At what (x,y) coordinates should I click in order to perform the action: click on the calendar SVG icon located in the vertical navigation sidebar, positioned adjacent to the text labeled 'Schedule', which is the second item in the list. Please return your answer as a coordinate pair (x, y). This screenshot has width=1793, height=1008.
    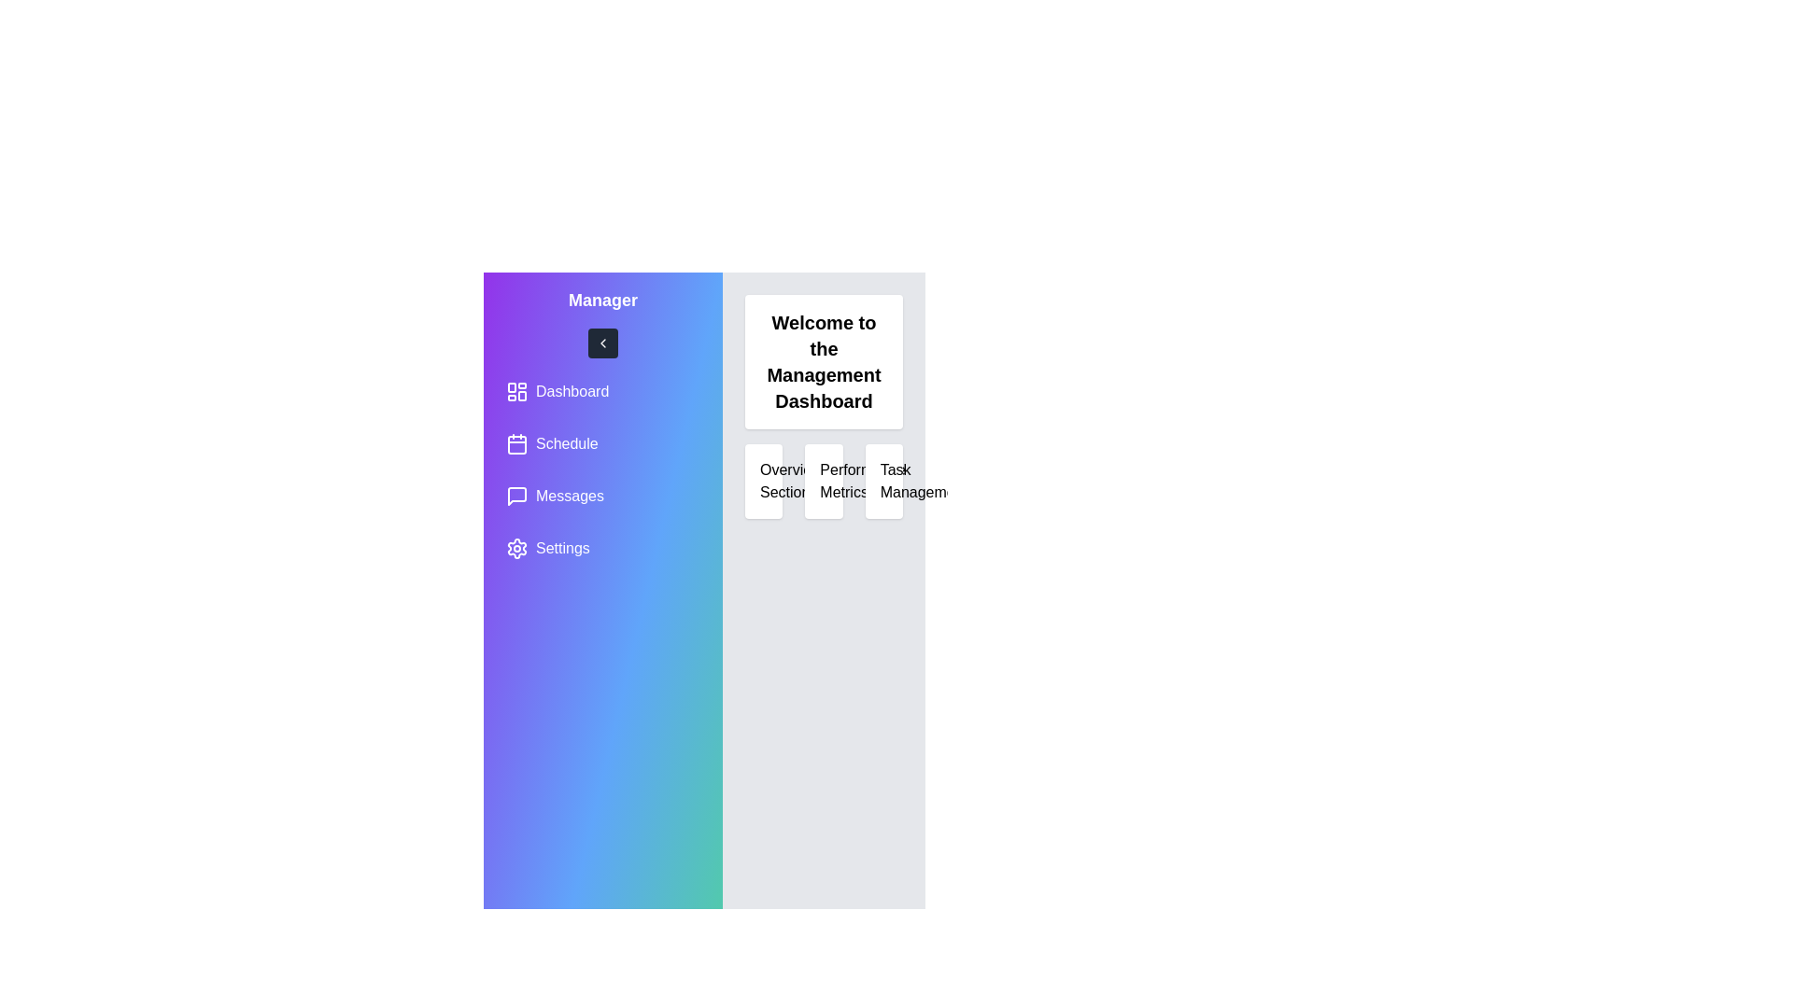
    Looking at the image, I should click on (516, 443).